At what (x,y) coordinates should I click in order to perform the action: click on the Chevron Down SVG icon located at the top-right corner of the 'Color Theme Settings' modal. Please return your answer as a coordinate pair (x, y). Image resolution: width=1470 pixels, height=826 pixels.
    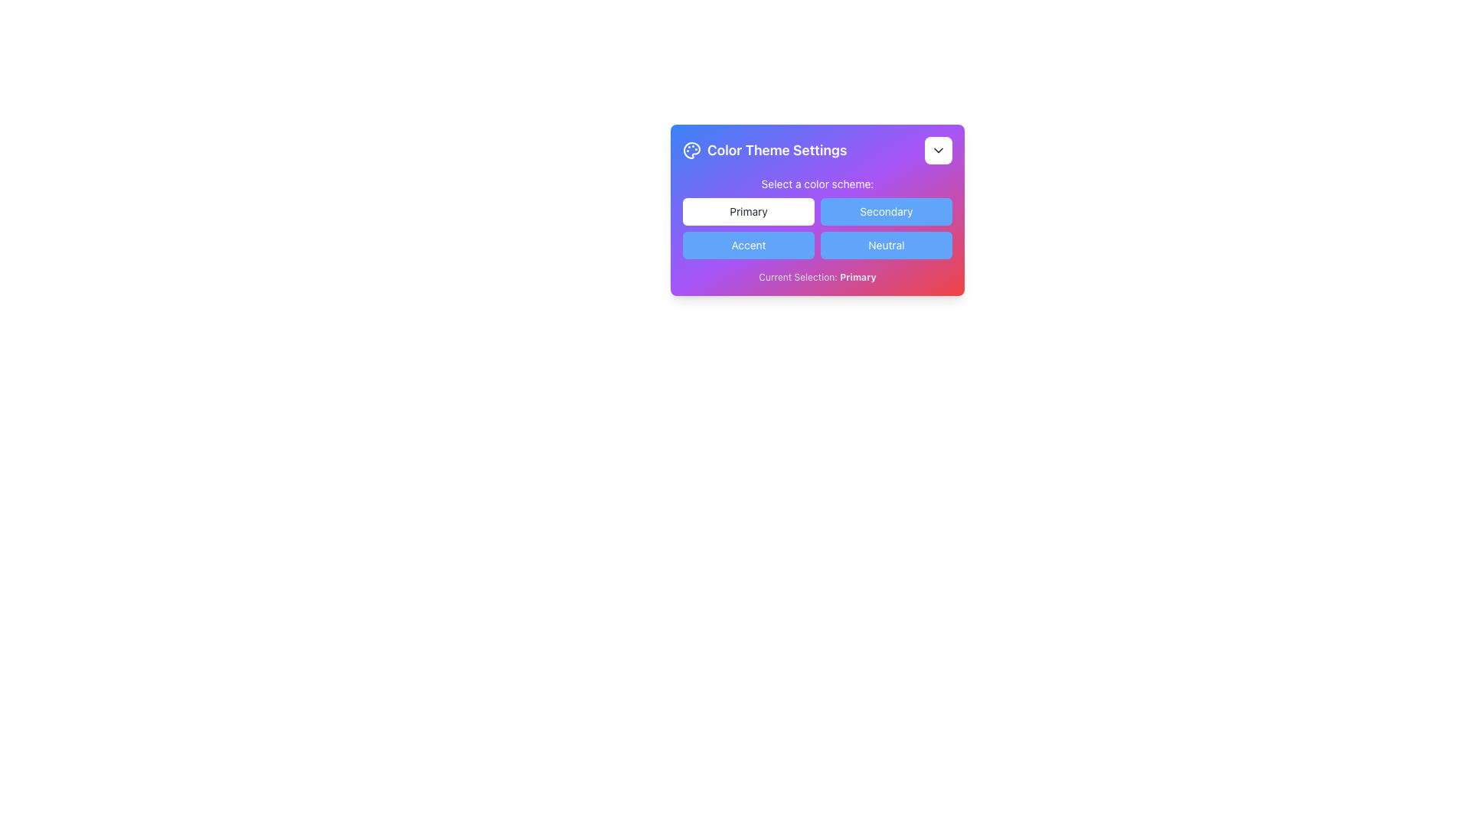
    Looking at the image, I should click on (937, 150).